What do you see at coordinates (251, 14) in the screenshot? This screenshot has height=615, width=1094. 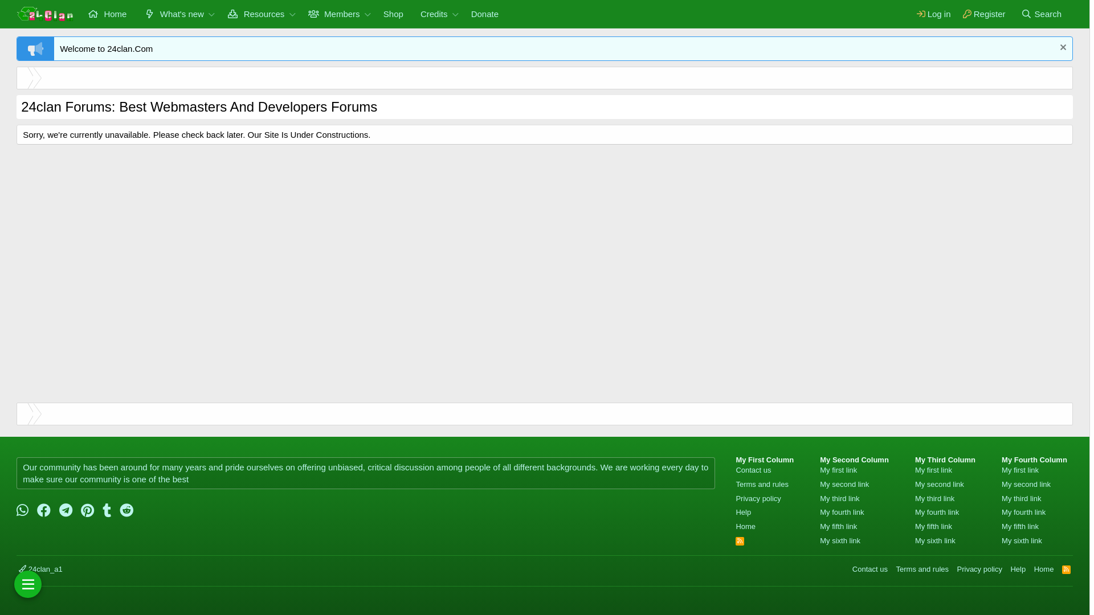 I see `'Resources'` at bounding box center [251, 14].